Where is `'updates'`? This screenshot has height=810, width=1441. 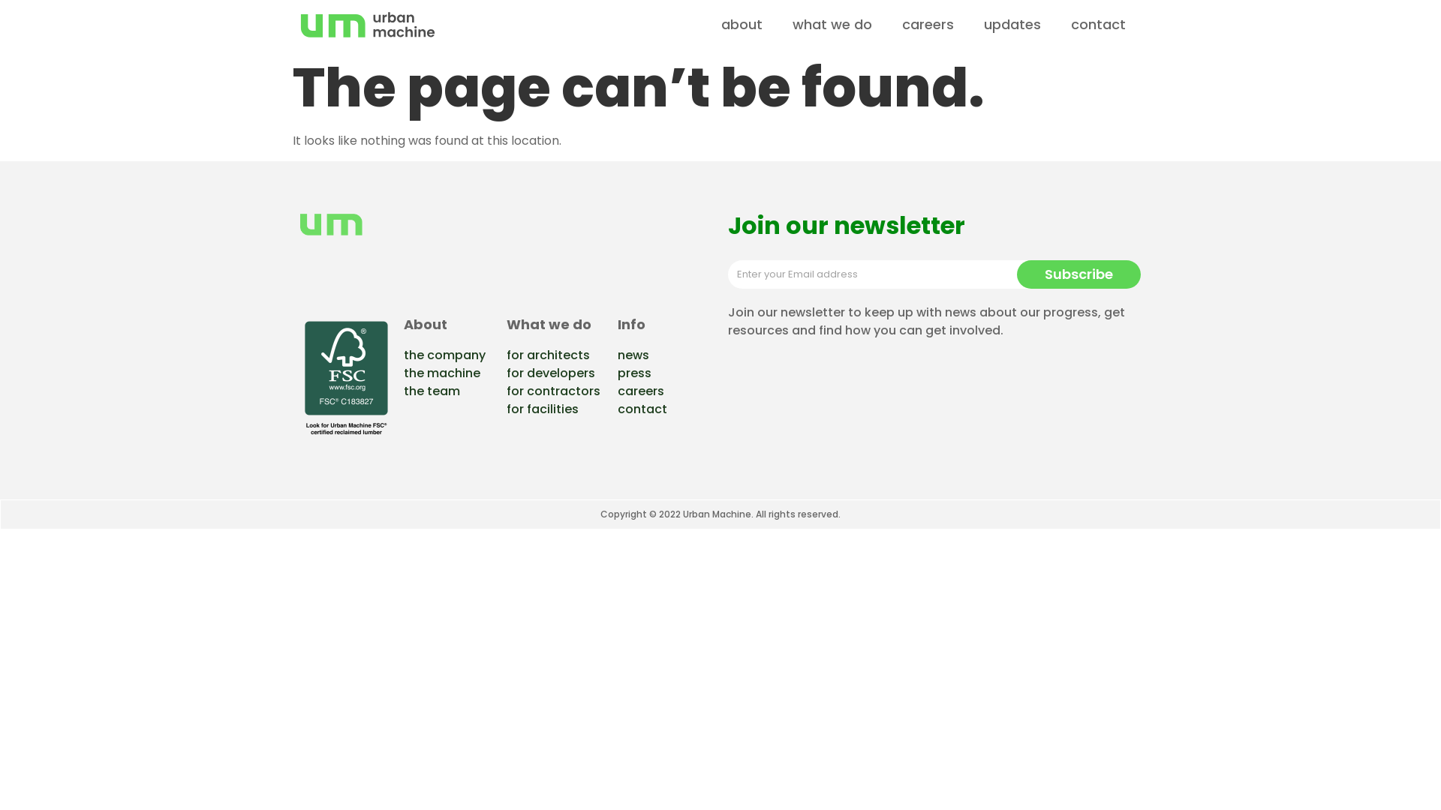 'updates' is located at coordinates (1012, 25).